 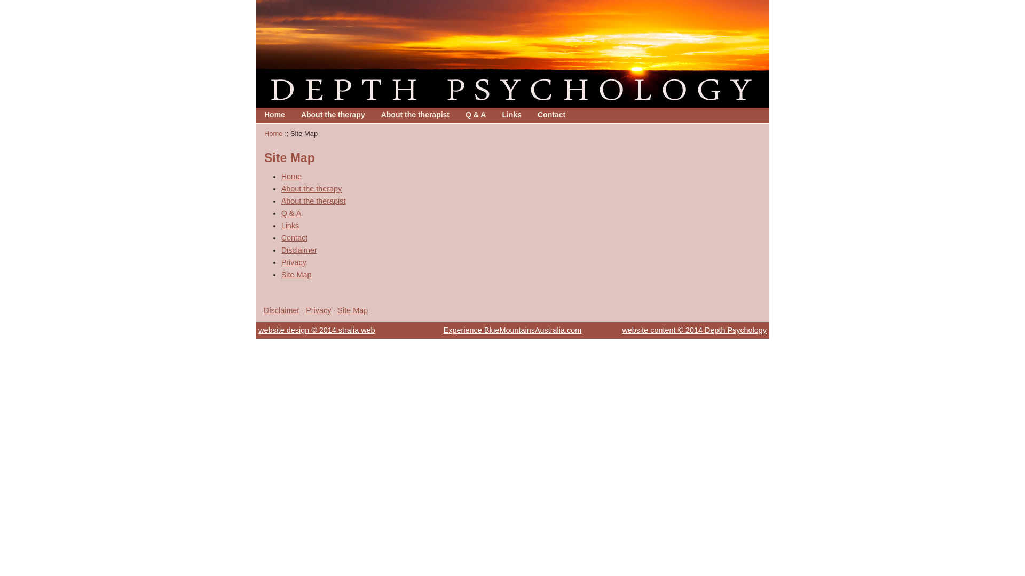 What do you see at coordinates (352, 310) in the screenshot?
I see `'Site Map'` at bounding box center [352, 310].